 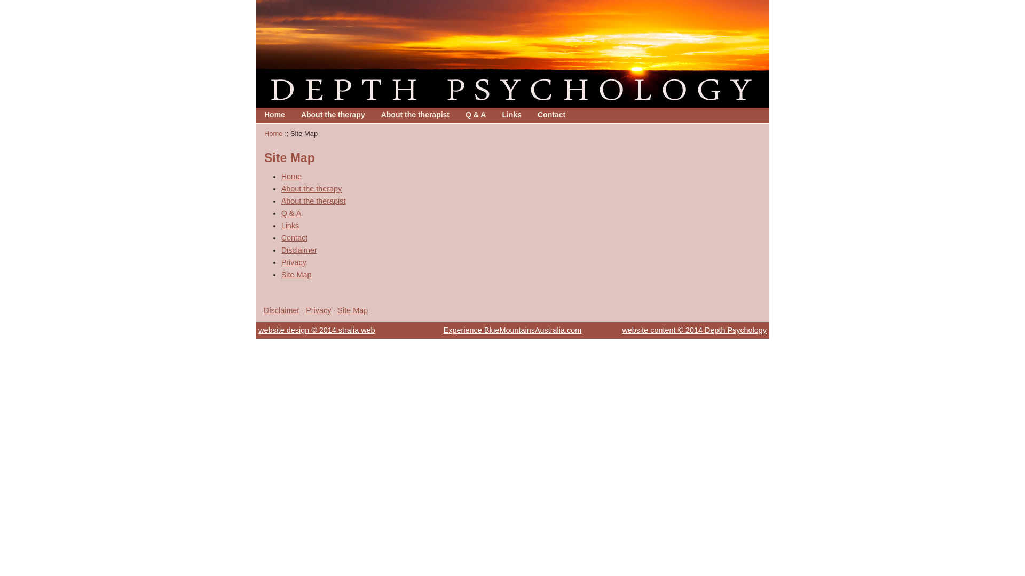 What do you see at coordinates (352, 310) in the screenshot?
I see `'Site Map'` at bounding box center [352, 310].